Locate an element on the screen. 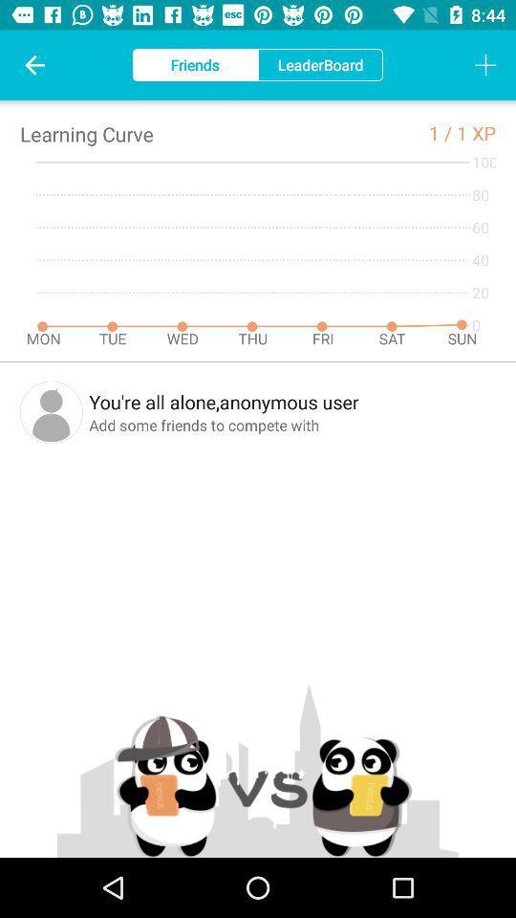 This screenshot has width=516, height=918. the icon next to the learning curve is located at coordinates (442, 132).